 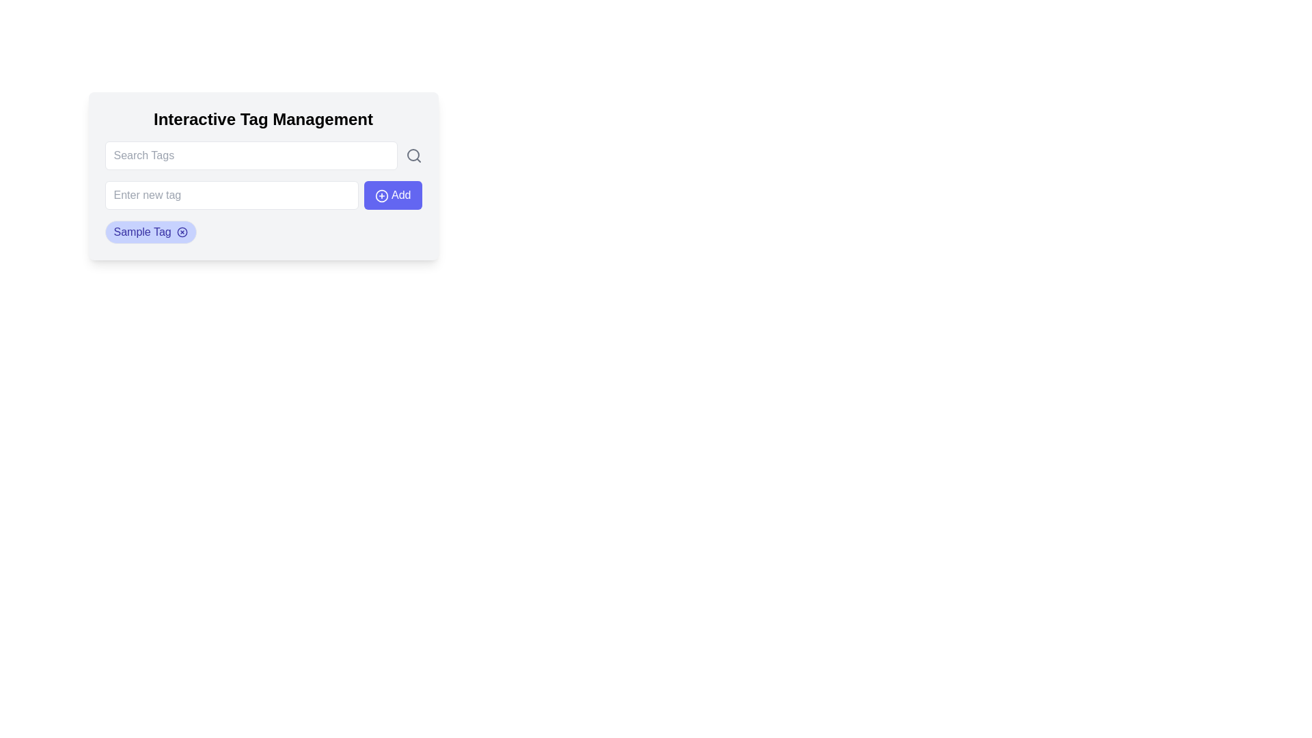 I want to click on the 'x' button on the first tag in the tag management interface, so click(x=150, y=231).